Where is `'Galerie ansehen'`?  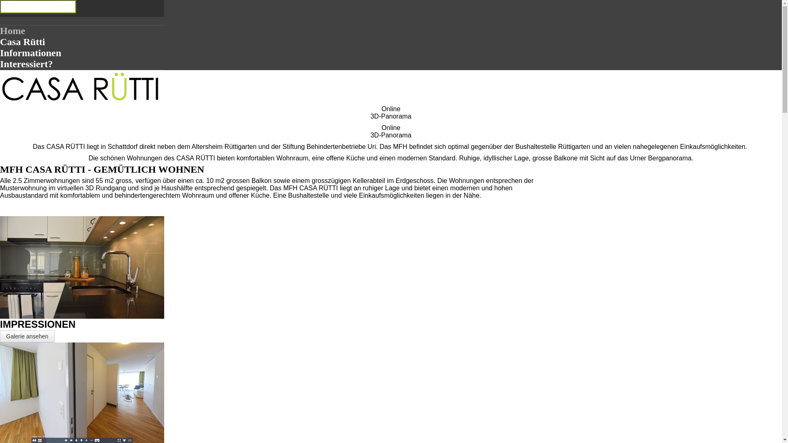 'Galerie ansehen' is located at coordinates (27, 336).